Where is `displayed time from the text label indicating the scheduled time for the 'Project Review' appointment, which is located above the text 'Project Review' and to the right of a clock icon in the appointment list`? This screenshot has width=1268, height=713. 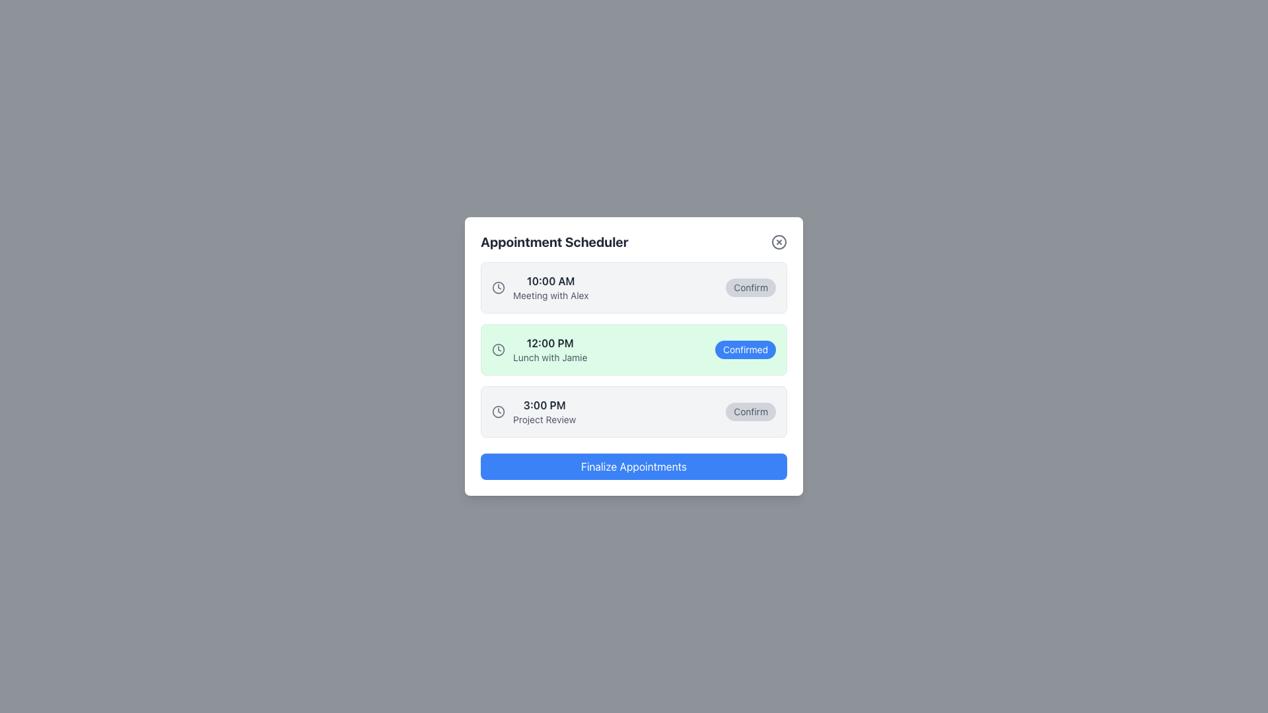 displayed time from the text label indicating the scheduled time for the 'Project Review' appointment, which is located above the text 'Project Review' and to the right of a clock icon in the appointment list is located at coordinates (544, 404).